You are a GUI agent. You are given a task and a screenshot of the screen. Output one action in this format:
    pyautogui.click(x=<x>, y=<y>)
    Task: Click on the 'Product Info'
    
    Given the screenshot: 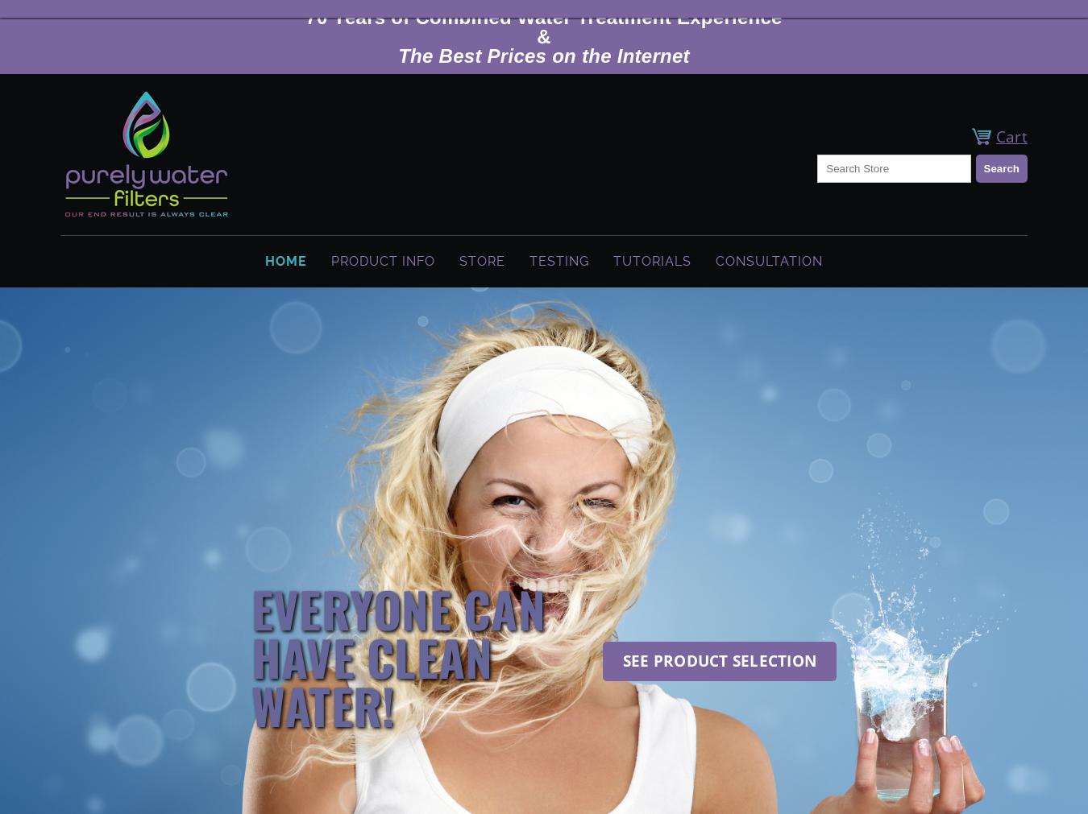 What is the action you would take?
    pyautogui.click(x=330, y=261)
    